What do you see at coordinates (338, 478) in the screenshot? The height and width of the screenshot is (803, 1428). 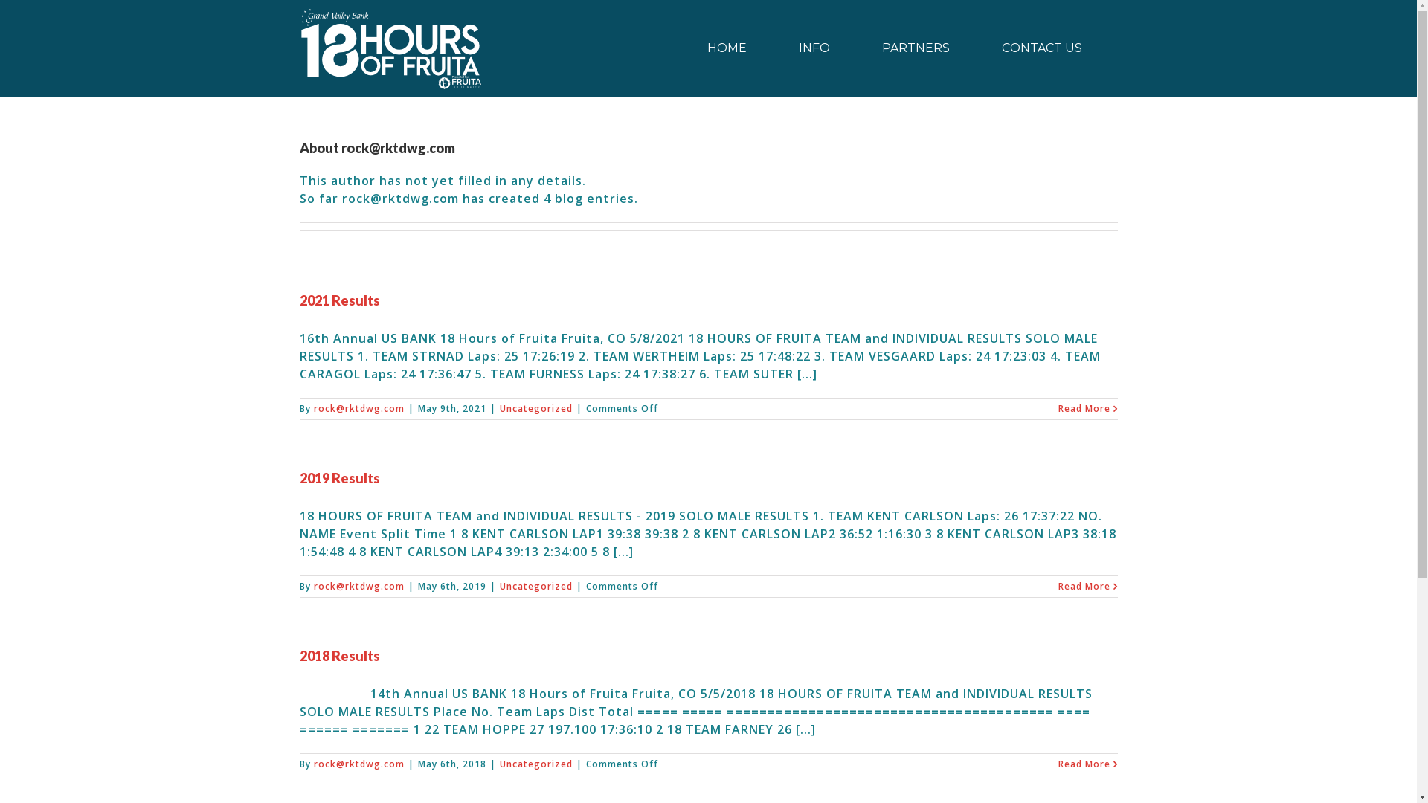 I see `'2019 Results'` at bounding box center [338, 478].